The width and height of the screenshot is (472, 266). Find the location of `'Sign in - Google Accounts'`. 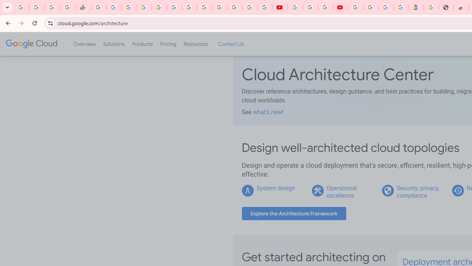

'Sign in - Google Accounts' is located at coordinates (355, 7).